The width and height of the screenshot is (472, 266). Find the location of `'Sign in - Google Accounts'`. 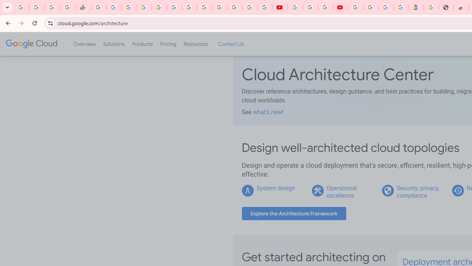

'Sign in - Google Accounts' is located at coordinates (355, 7).